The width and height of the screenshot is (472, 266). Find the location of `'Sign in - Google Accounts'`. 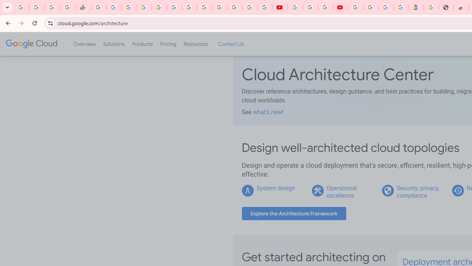

'Sign in - Google Accounts' is located at coordinates (355, 7).